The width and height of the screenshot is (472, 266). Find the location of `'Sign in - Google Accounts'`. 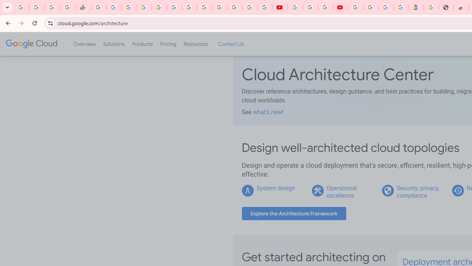

'Sign in - Google Accounts' is located at coordinates (355, 7).